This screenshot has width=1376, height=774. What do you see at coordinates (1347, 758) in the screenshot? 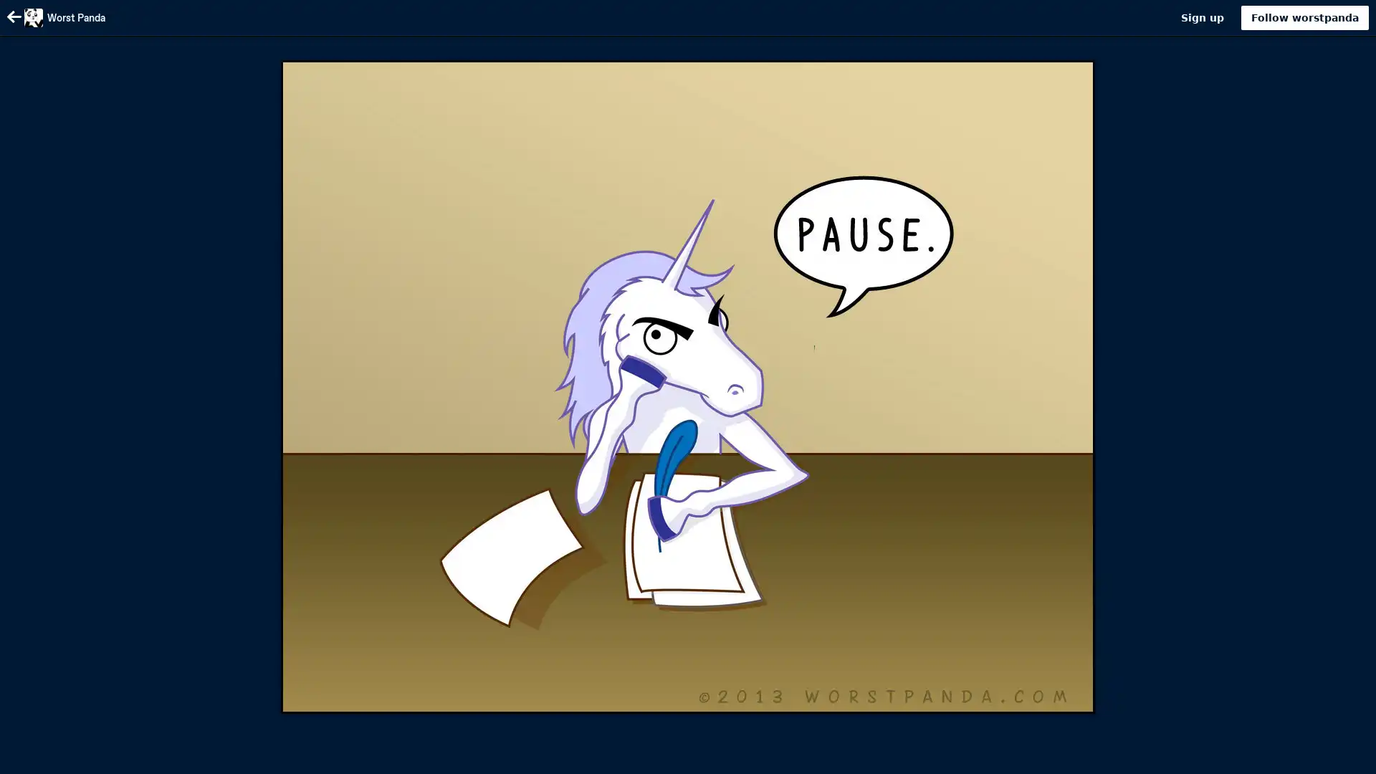
I see `Scroll to top` at bounding box center [1347, 758].